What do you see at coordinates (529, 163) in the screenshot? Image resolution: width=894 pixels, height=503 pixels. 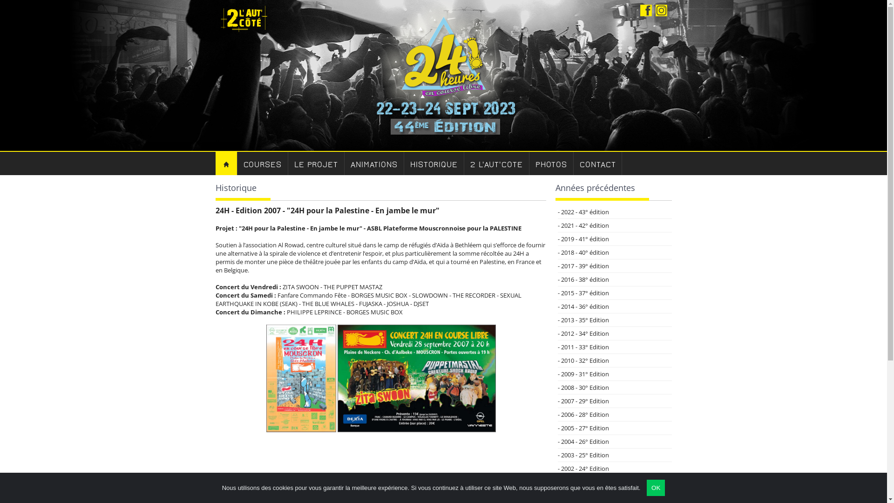 I see `'PHOTOS'` at bounding box center [529, 163].